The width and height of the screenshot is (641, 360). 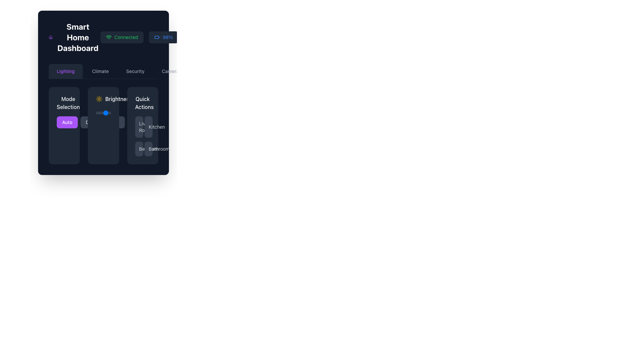 I want to click on the displayed information on the text label showing '98%' in blue font, located in the Smart Home Dashboard section near the battery icon, so click(x=168, y=37).